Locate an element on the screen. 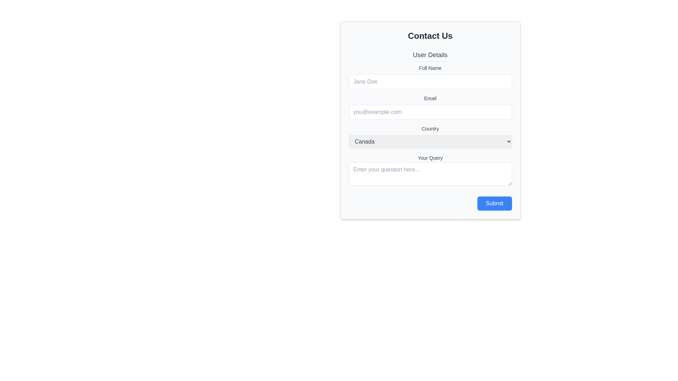 The width and height of the screenshot is (678, 381). text label indicating the purpose of the input field for entering user queries, positioned above the text input field is located at coordinates (430, 157).